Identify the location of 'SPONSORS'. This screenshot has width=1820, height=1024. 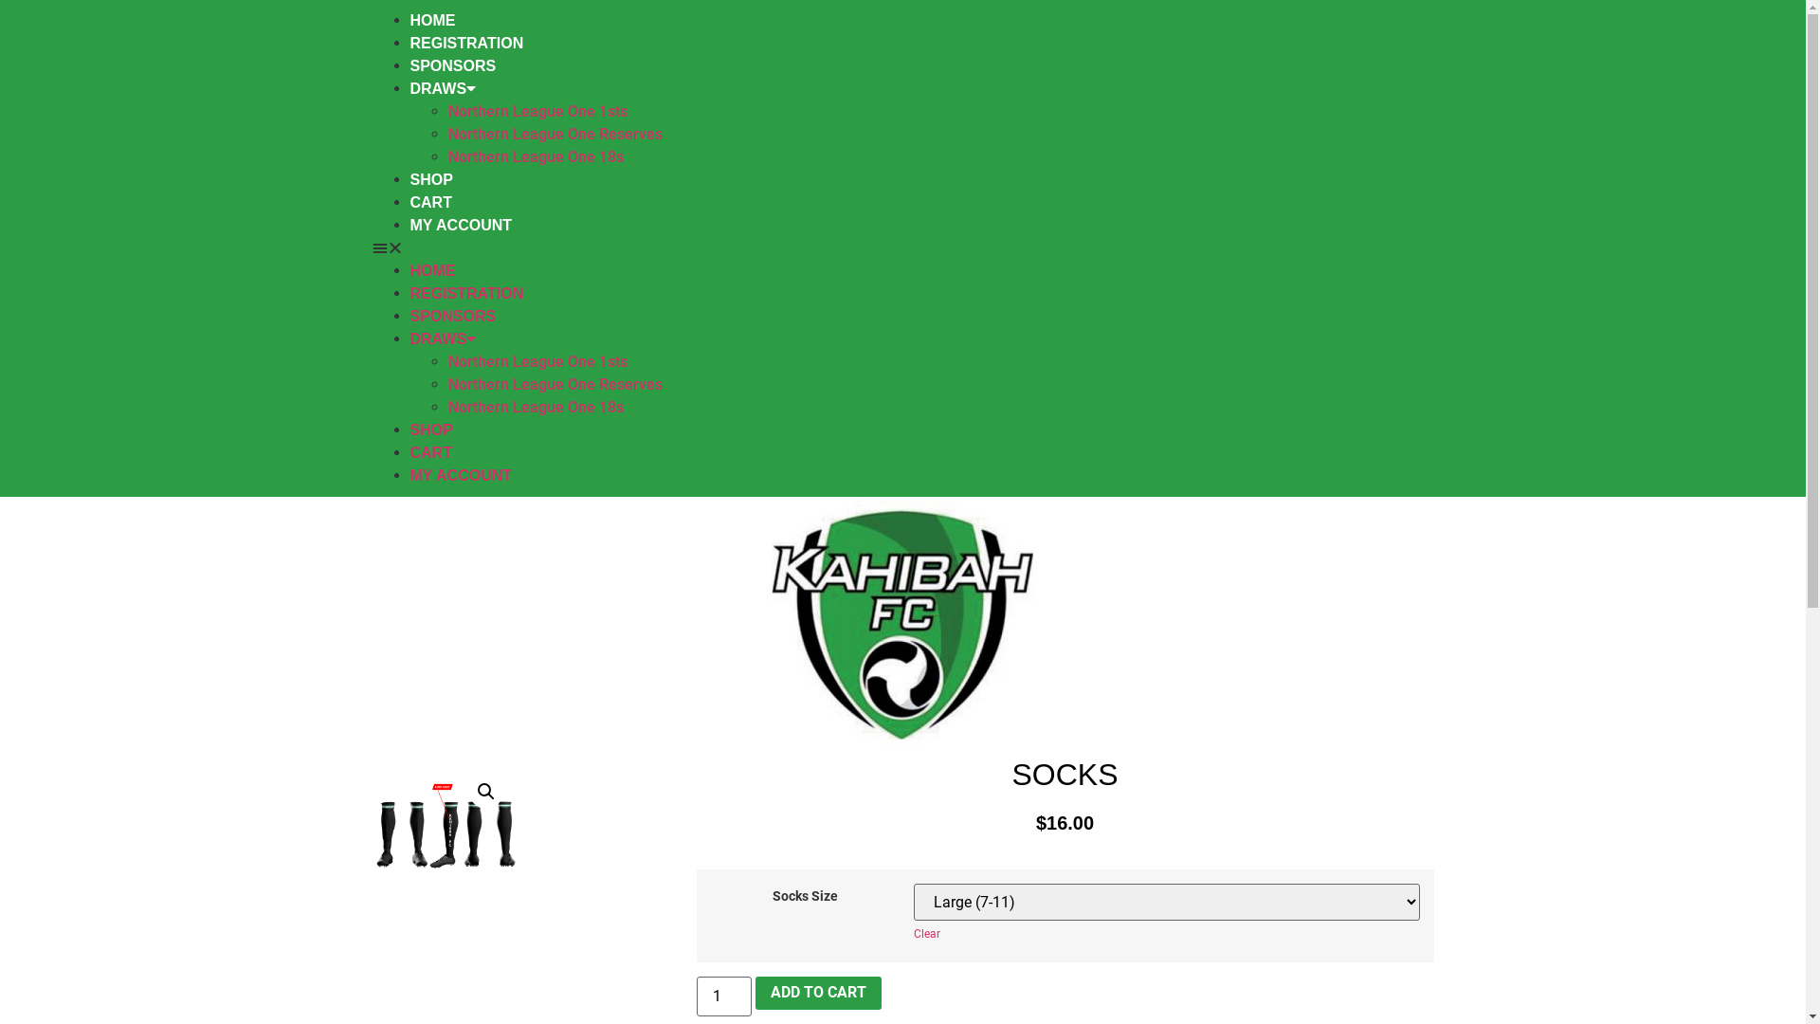
(451, 64).